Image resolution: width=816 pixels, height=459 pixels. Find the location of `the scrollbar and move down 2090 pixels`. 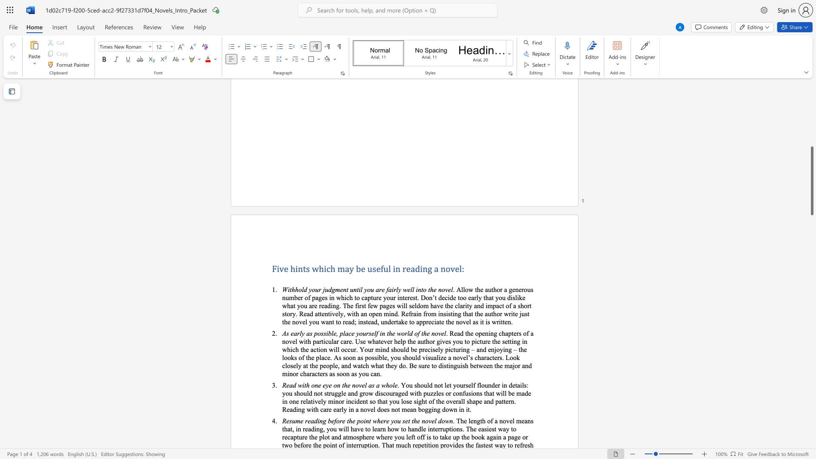

the scrollbar and move down 2090 pixels is located at coordinates (811, 180).